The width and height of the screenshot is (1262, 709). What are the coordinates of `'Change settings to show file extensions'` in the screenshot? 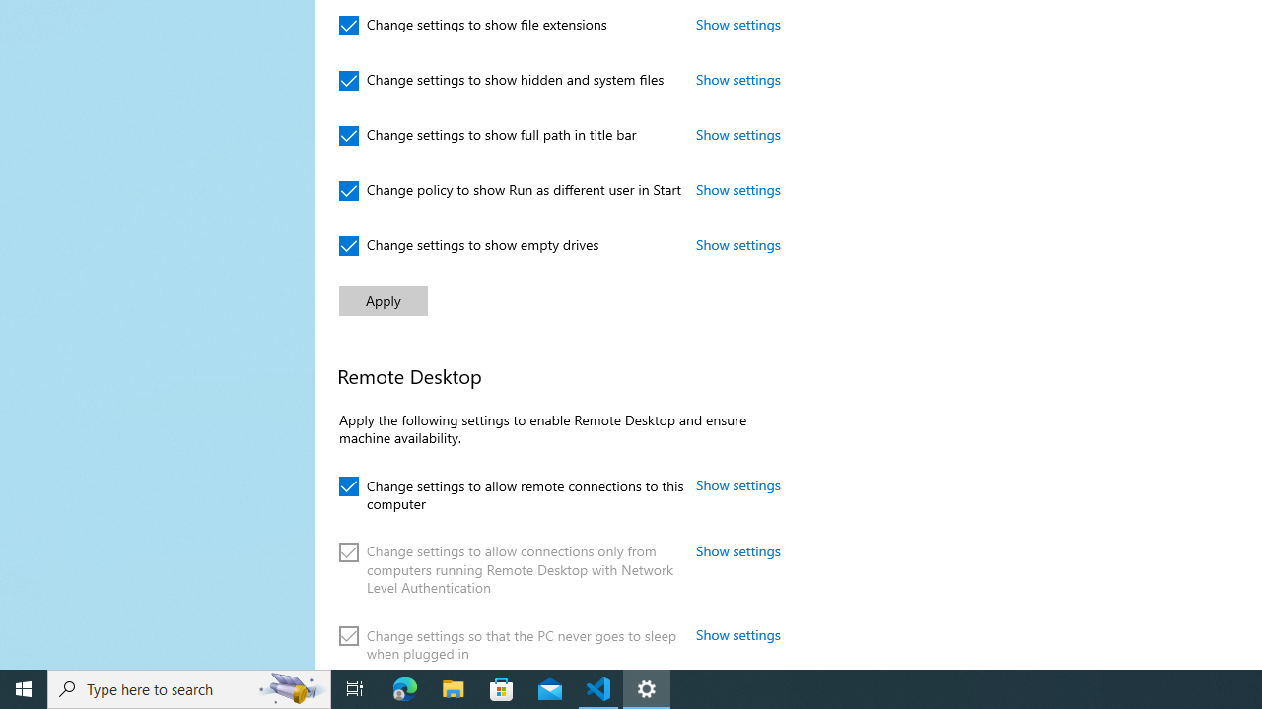 It's located at (473, 25).